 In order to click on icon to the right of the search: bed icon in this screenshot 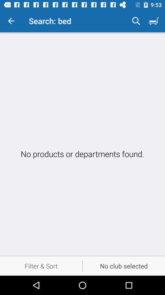, I will do `click(136, 21)`.